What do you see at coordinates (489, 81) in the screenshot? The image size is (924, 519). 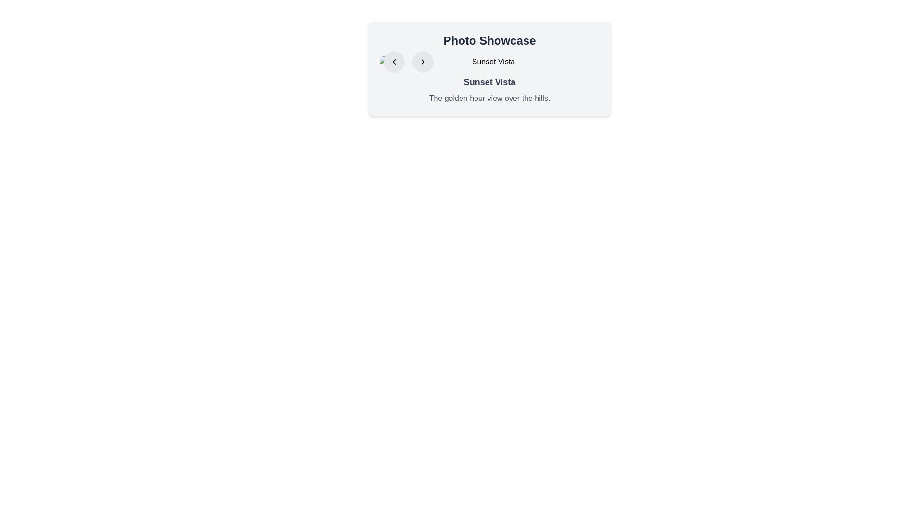 I see `the text label displaying 'Sunset Vista', which is prominently presented in a bold grey font, centered above the descriptive text` at bounding box center [489, 81].